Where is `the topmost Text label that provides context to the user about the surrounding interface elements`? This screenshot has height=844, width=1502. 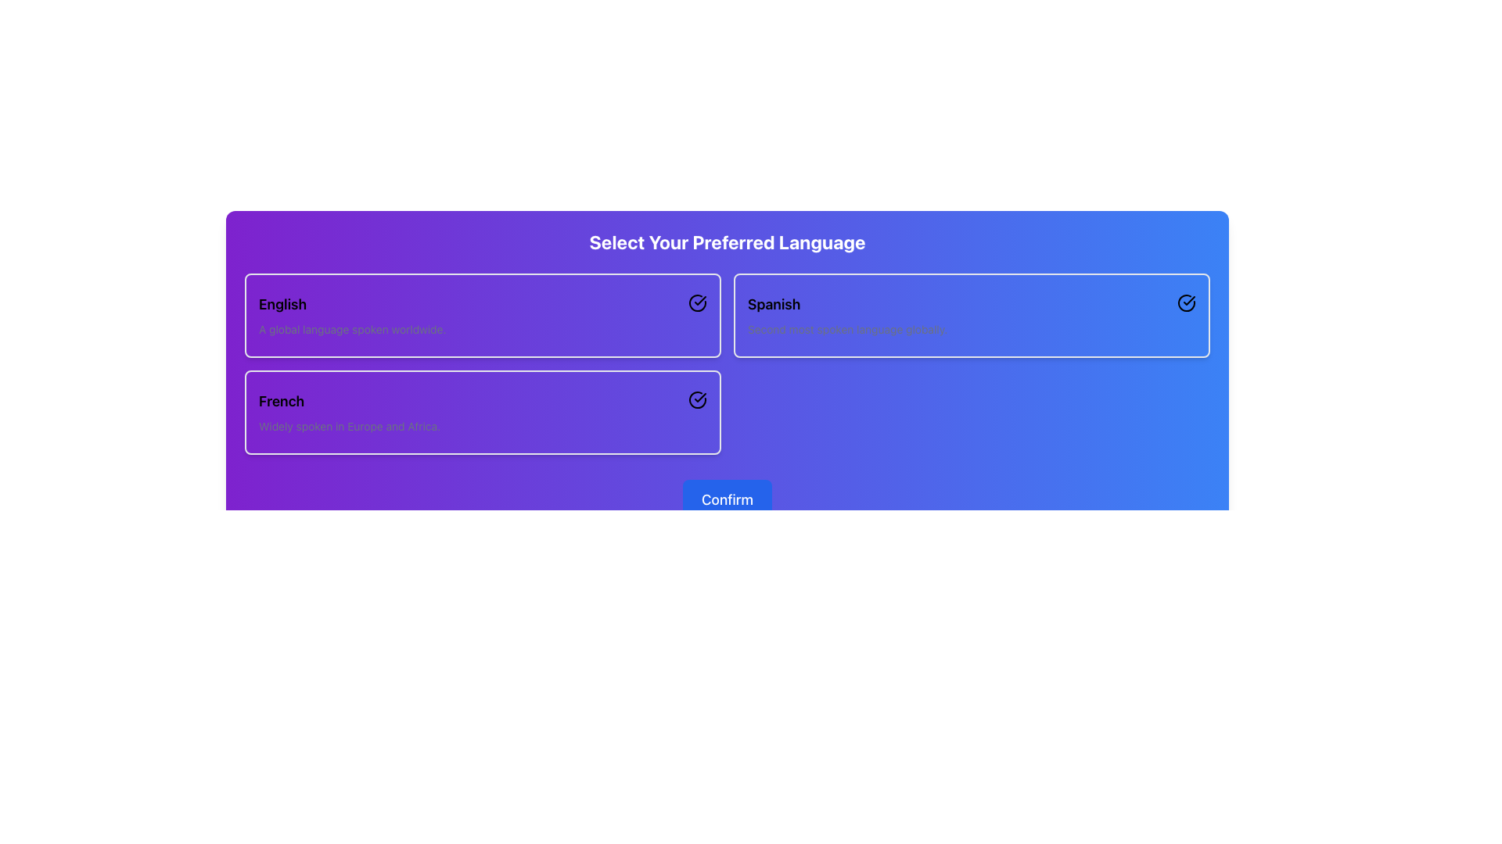
the topmost Text label that provides context to the user about the surrounding interface elements is located at coordinates (727, 241).